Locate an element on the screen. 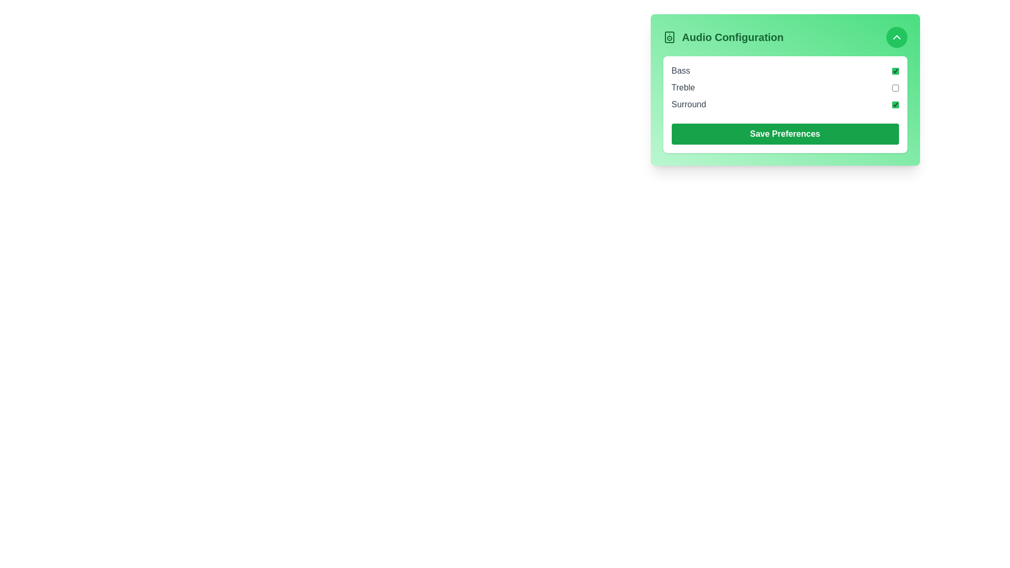  the checkbox labeled 'Treble' in the 'Audio Configuration' section is located at coordinates (785, 87).